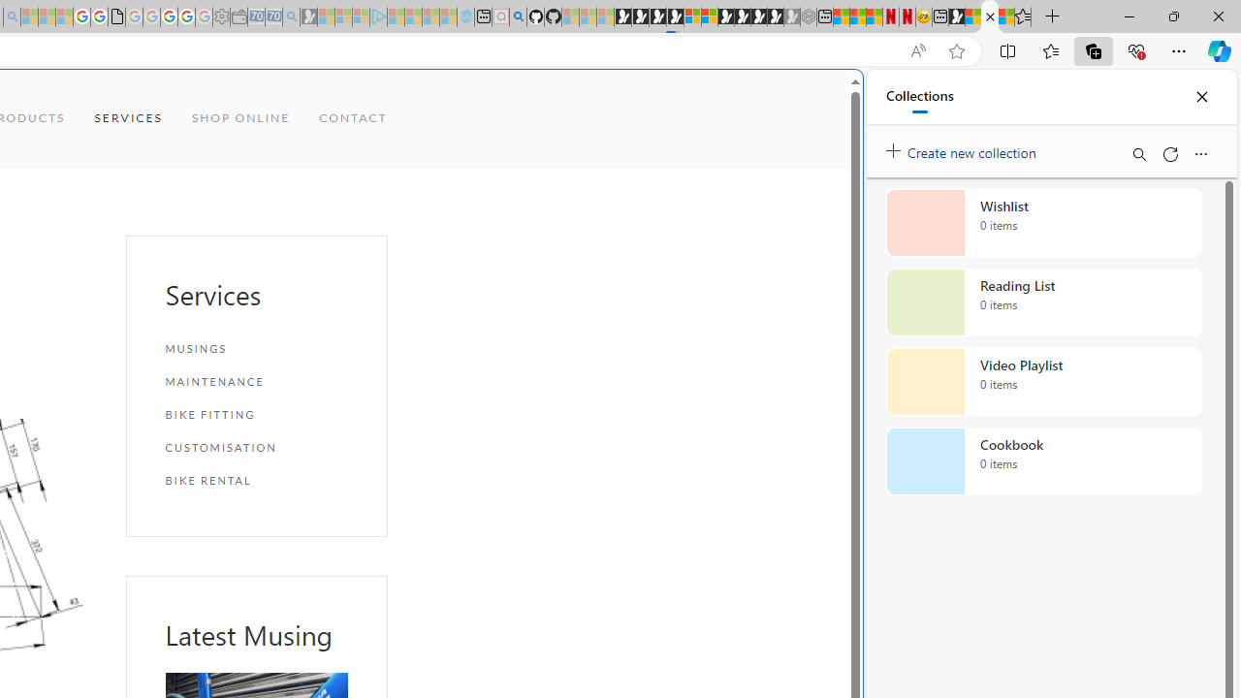 This screenshot has height=698, width=1241. I want to click on 'More options menu', so click(1199, 153).